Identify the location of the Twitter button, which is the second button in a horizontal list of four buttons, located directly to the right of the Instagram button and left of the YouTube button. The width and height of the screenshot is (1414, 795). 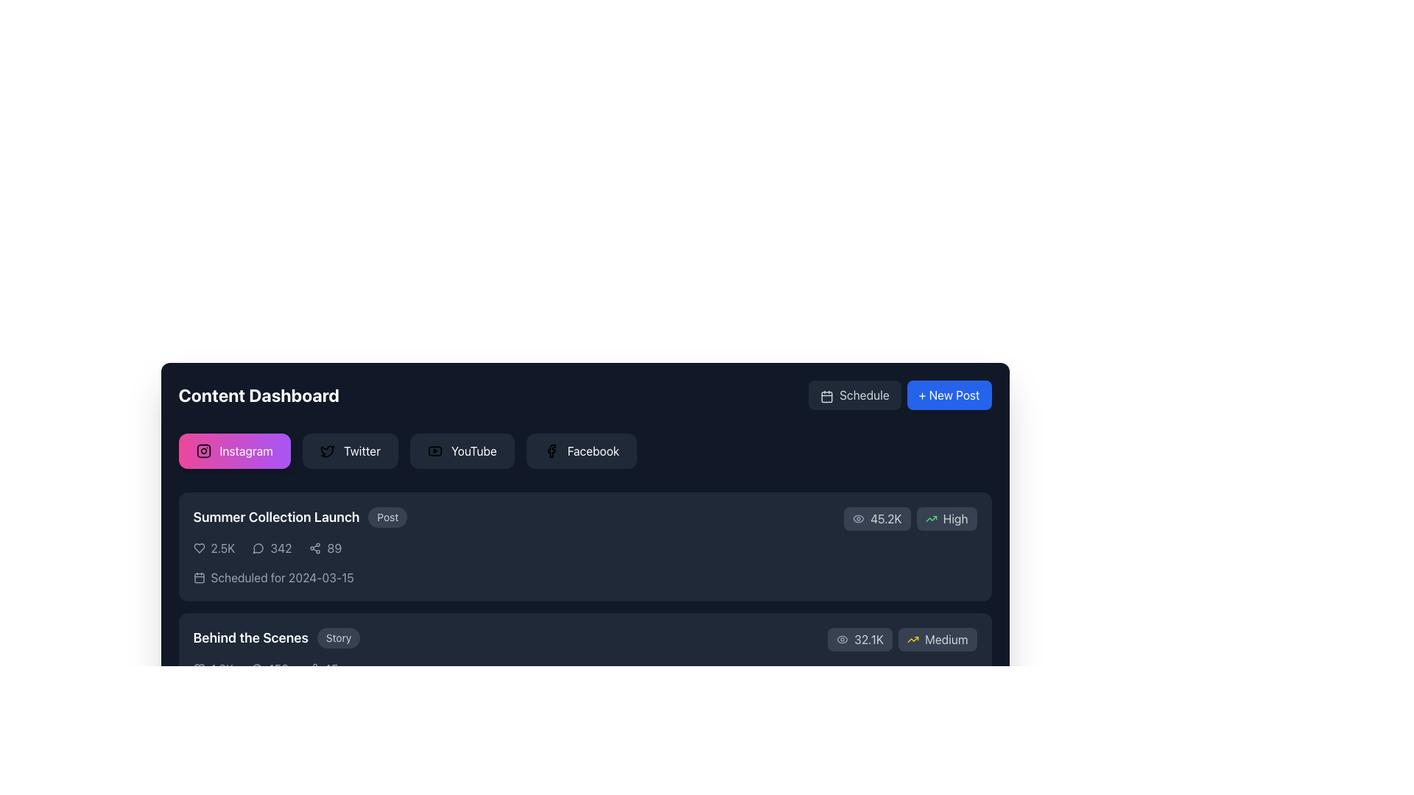
(349, 451).